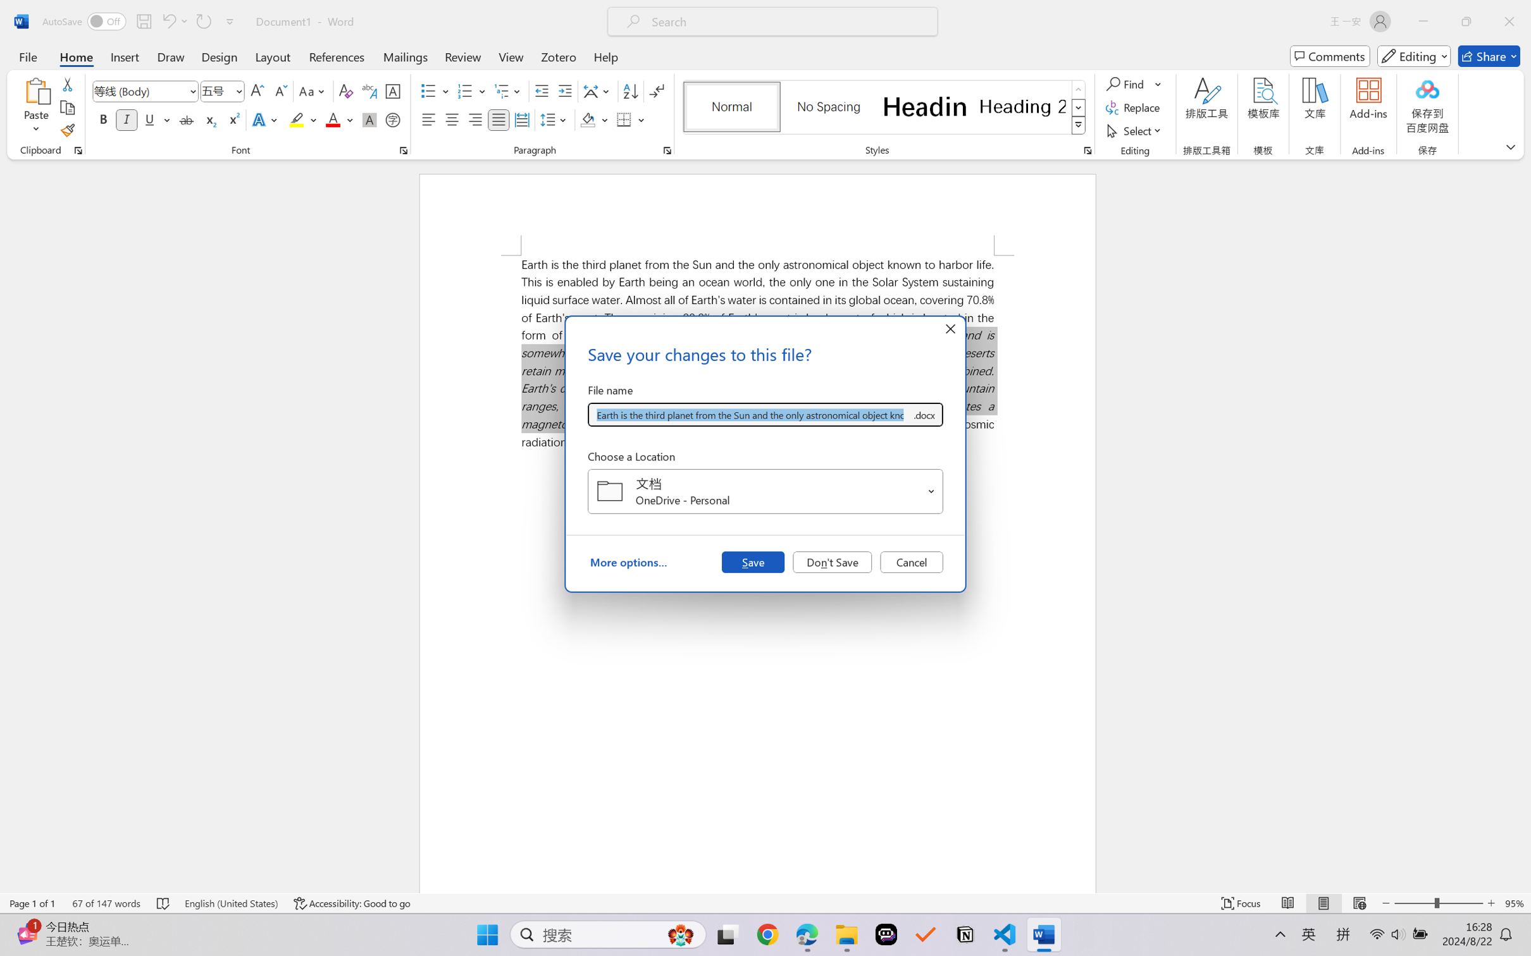 The image size is (1531, 956). What do you see at coordinates (509, 91) in the screenshot?
I see `'Multilevel List'` at bounding box center [509, 91].